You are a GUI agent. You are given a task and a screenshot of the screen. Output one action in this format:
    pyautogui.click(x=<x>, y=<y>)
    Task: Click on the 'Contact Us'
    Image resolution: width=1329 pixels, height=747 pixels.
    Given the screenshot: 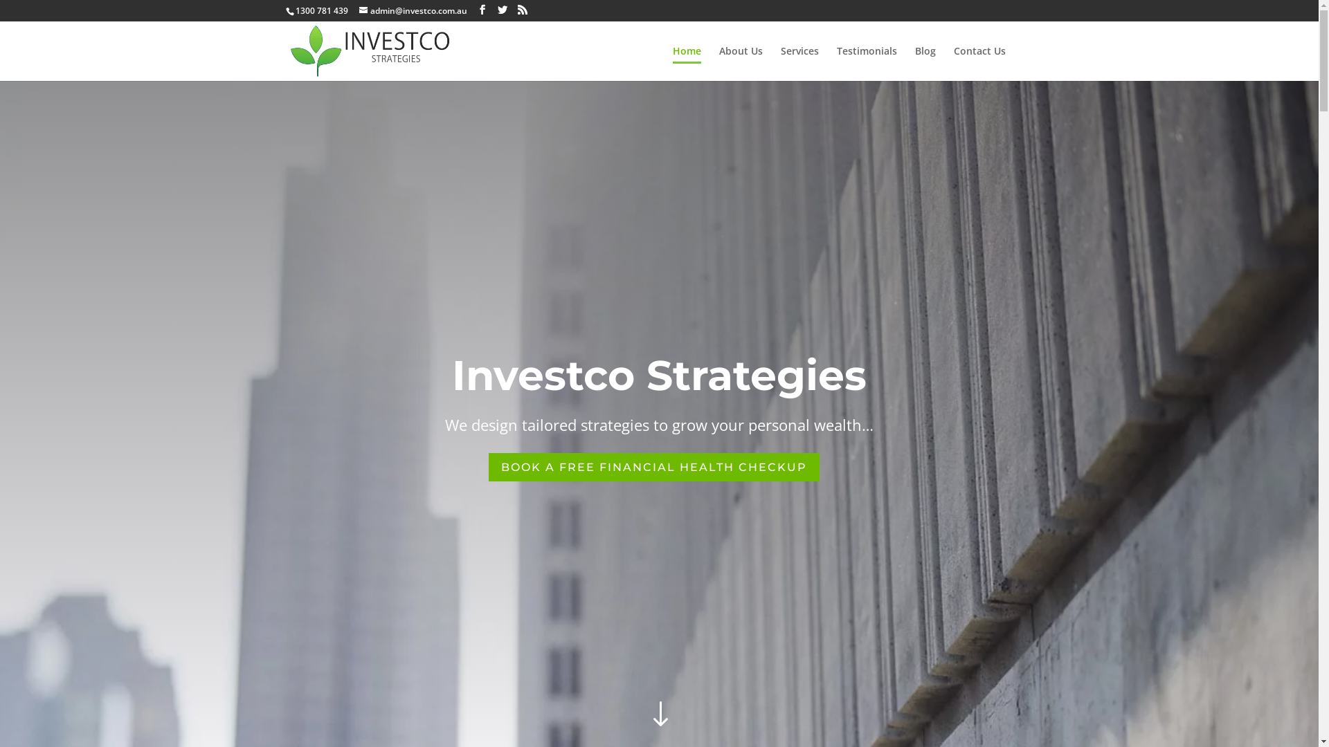 What is the action you would take?
    pyautogui.click(x=979, y=64)
    